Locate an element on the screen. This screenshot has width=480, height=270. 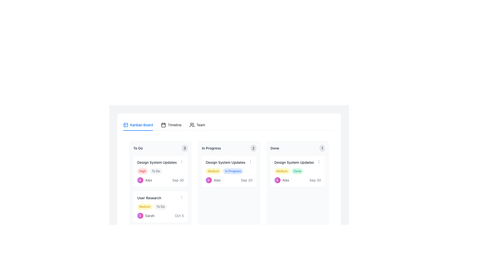
the 'Timeline' tab navigation item, which features the word 'Timeline' in a sans-serif font and a calendar icon is located at coordinates (171, 125).